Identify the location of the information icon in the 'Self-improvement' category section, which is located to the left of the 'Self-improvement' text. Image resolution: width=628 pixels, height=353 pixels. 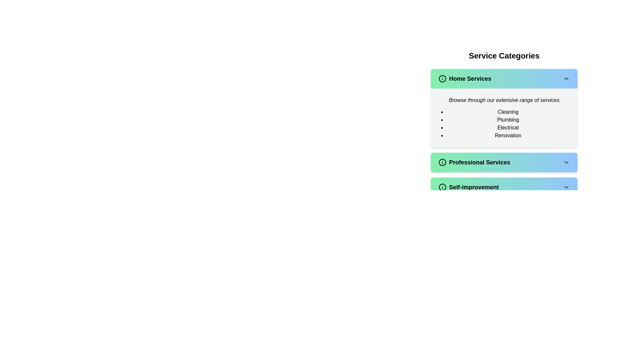
(443, 187).